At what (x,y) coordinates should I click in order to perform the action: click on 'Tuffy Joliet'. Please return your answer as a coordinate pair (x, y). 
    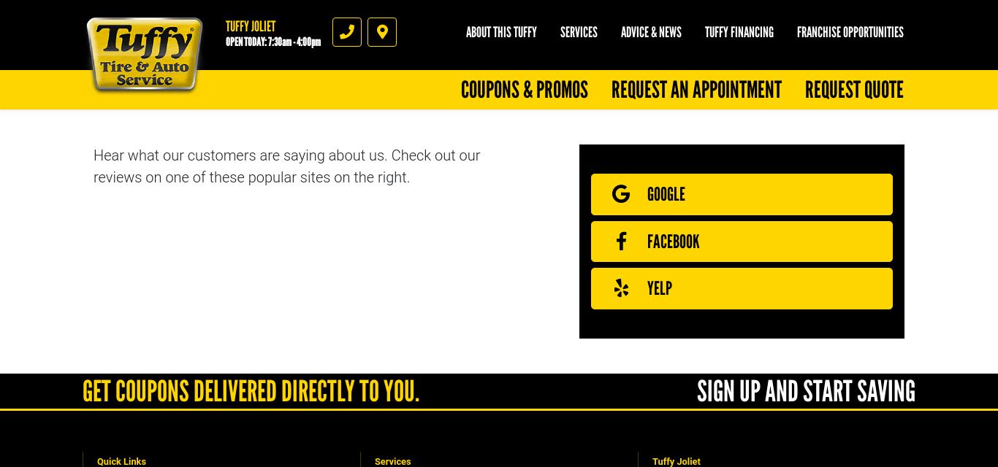
    Looking at the image, I should click on (676, 460).